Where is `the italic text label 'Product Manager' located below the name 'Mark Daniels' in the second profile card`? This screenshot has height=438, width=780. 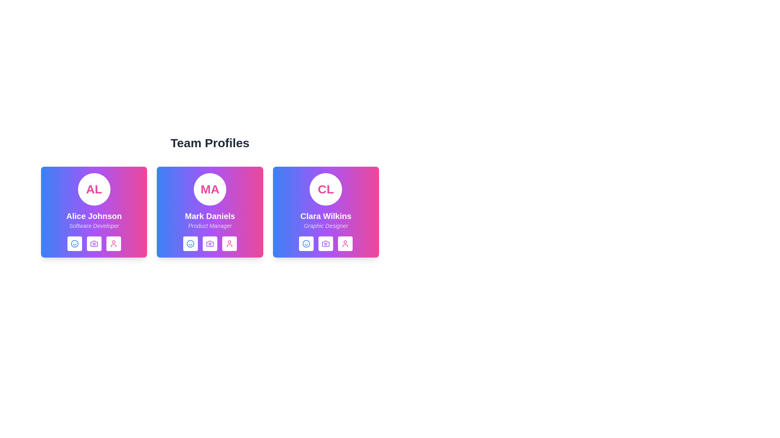 the italic text label 'Product Manager' located below the name 'Mark Daniels' in the second profile card is located at coordinates (210, 225).